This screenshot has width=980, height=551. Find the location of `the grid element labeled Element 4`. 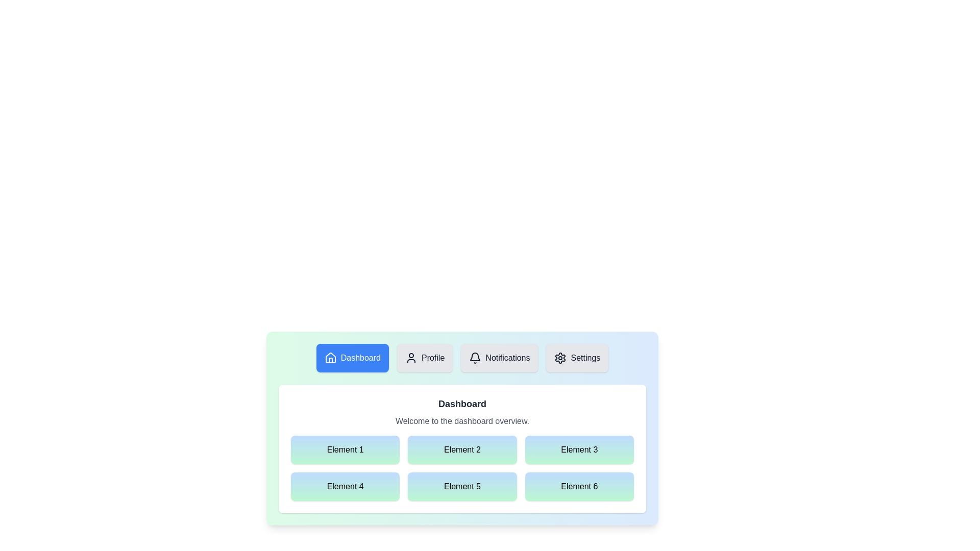

the grid element labeled Element 4 is located at coordinates (345, 486).